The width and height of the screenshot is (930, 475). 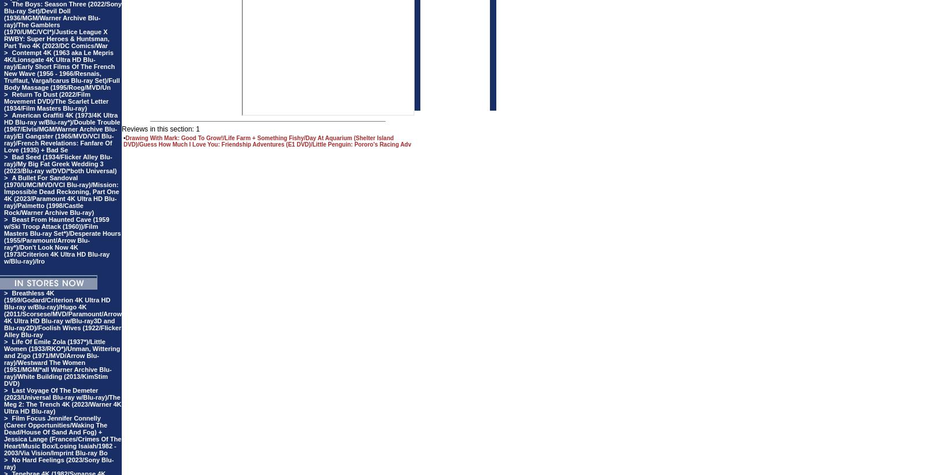 I want to click on 'Life Of Emile Zola (1937*)/Little Women (1933/RKO*)/Unman, Wittering and Zigo (1971/MVD/Arrow Blu-ray)/Westward The Women (1951/MGM/*all Warner Archive Blu-ray)/White Building (2013/KimStim DVD)', so click(x=3, y=361).